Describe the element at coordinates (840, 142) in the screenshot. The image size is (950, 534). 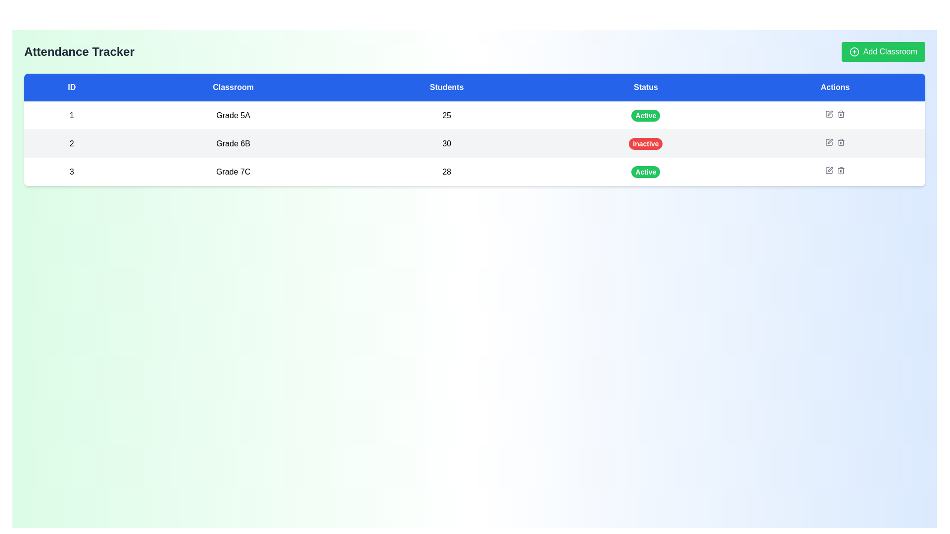
I see `the trash can icon button located under the 'Actions' column in the second data row for 'Grade 6B'` at that location.